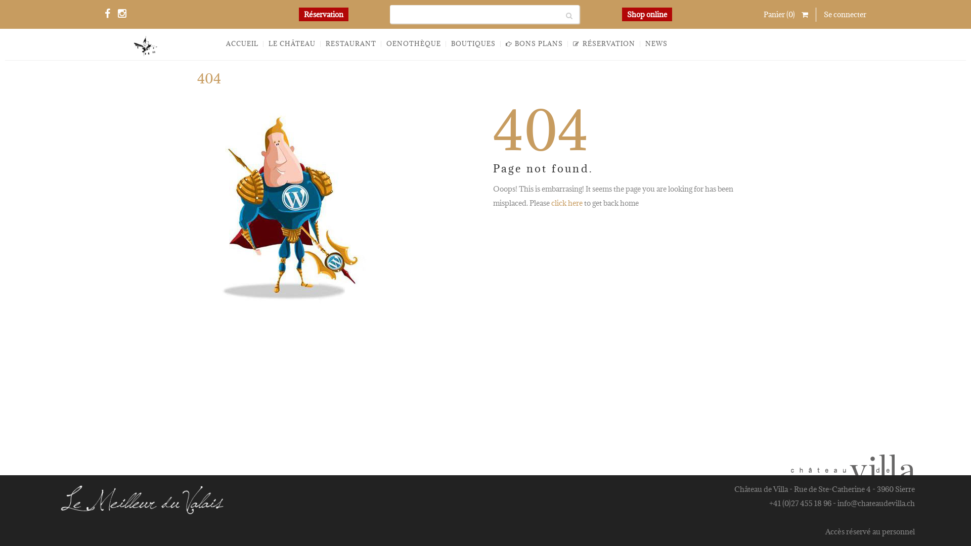  I want to click on 'RESTAURANT', so click(351, 43).